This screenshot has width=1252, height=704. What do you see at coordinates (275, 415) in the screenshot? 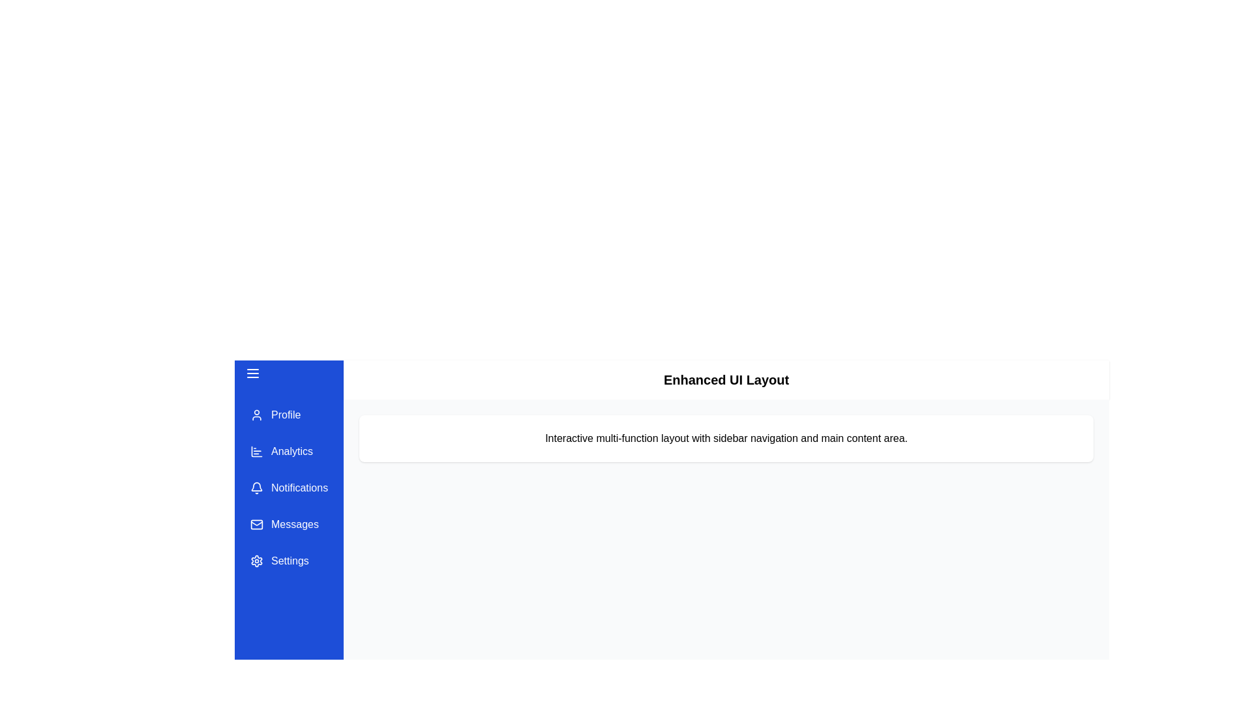
I see `the 'Profile' button, which features a user silhouette icon and is located at the top of the left sidebar` at bounding box center [275, 415].